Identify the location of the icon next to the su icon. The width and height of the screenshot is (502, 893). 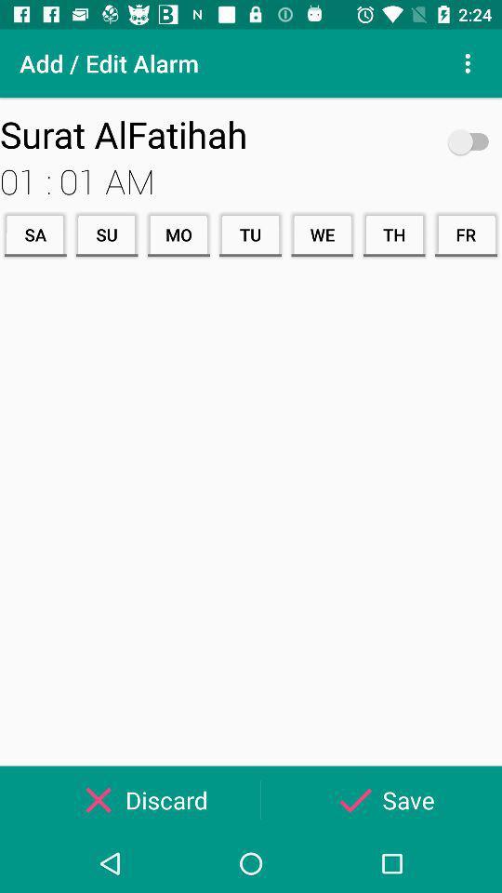
(35, 233).